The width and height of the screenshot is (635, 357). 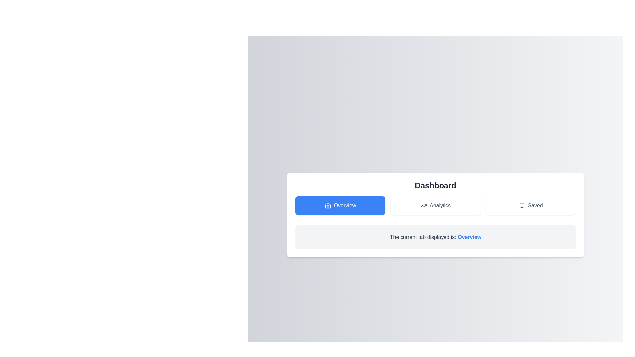 I want to click on the blue 'Overview' button, which has a white house icon and is located in the top-left section of its containing grid, so click(x=340, y=205).